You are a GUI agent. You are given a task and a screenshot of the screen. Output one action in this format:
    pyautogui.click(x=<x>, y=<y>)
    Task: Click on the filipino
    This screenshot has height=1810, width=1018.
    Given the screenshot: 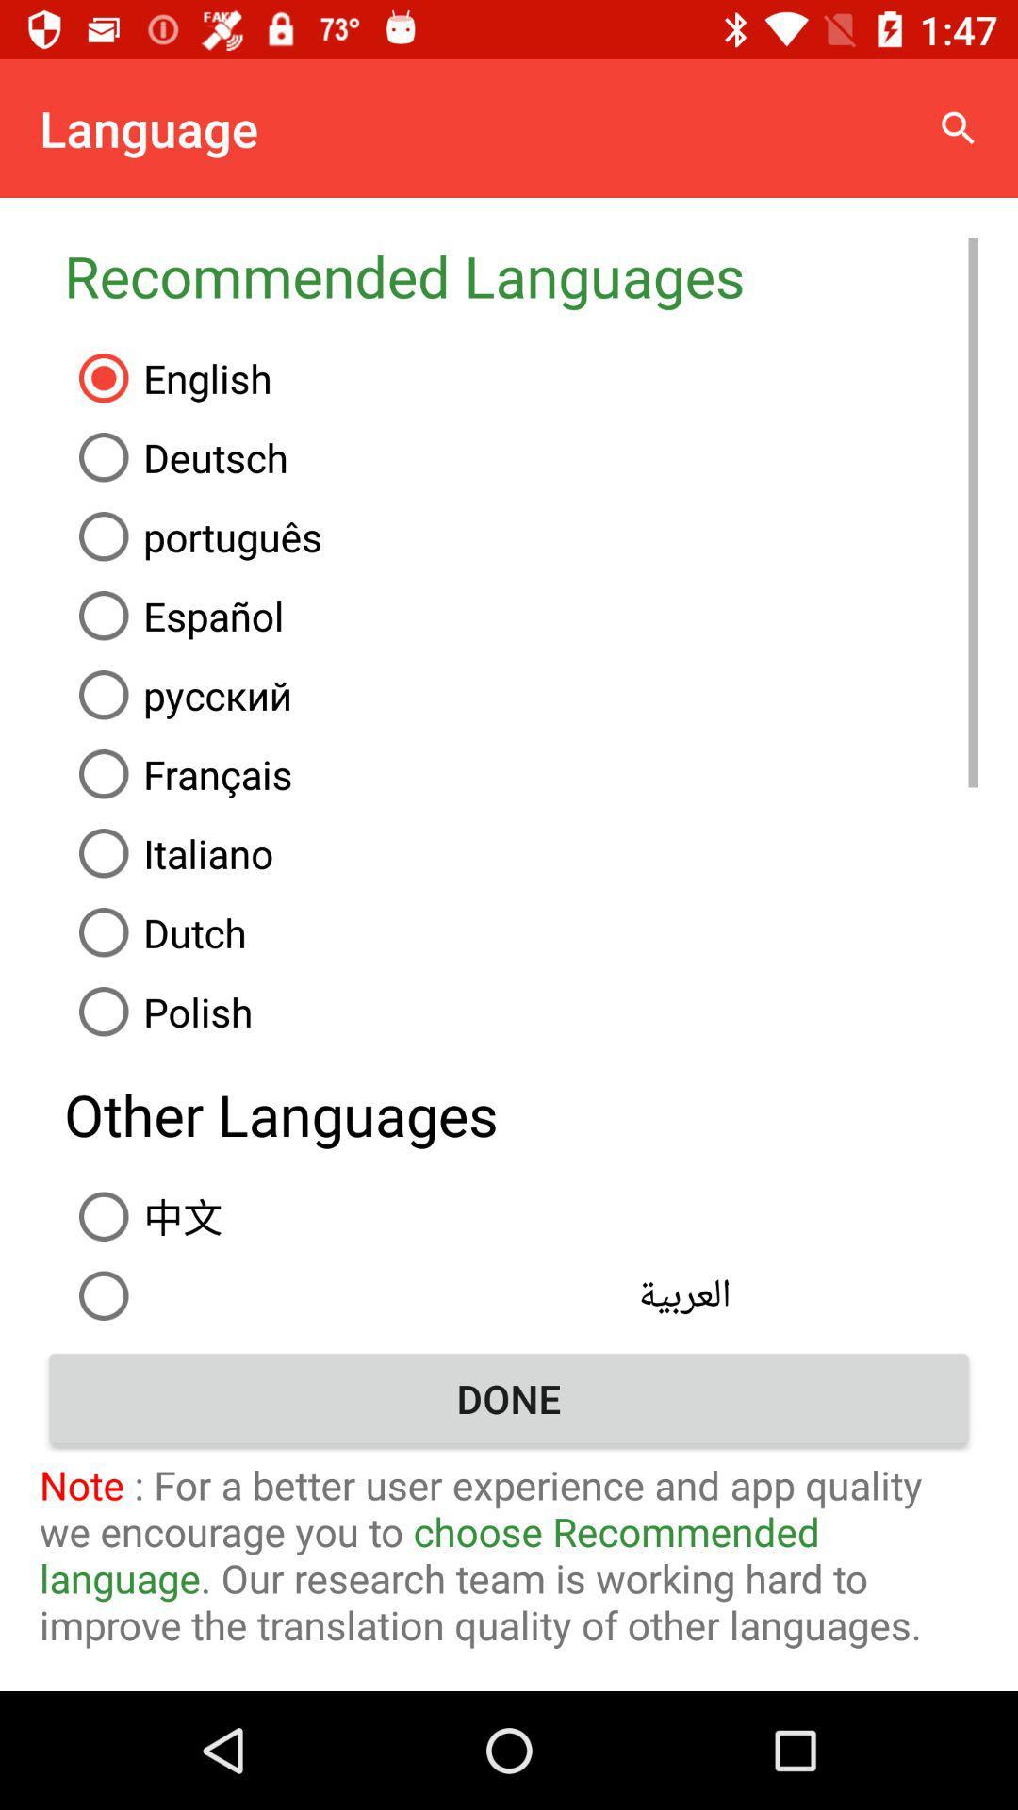 What is the action you would take?
    pyautogui.click(x=521, y=1336)
    